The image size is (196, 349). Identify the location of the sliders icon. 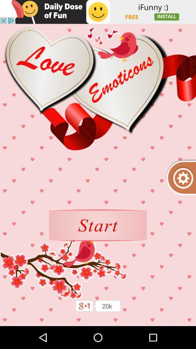
(98, 241).